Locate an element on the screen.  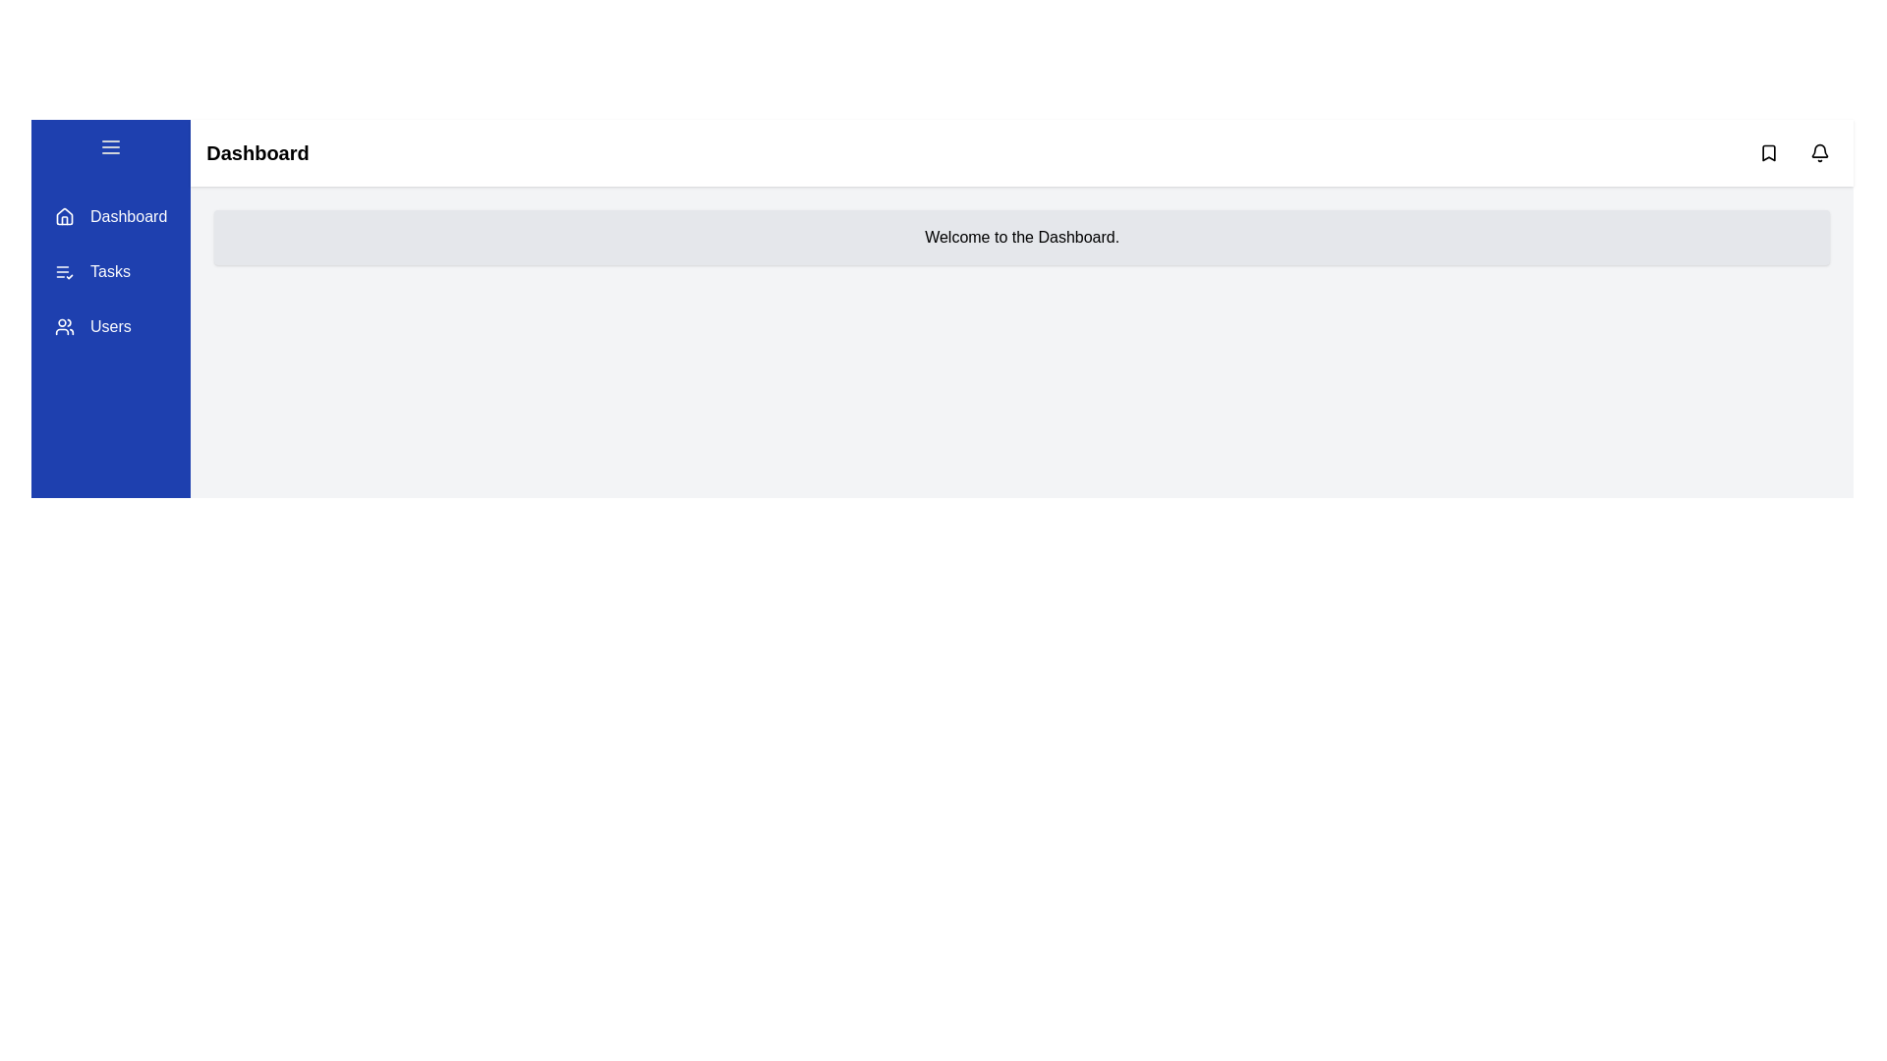
the menu toggle button located at the top left of the sidebar, which has a blue background and three horizontal white lines stacked vertically is located at coordinates (110, 149).